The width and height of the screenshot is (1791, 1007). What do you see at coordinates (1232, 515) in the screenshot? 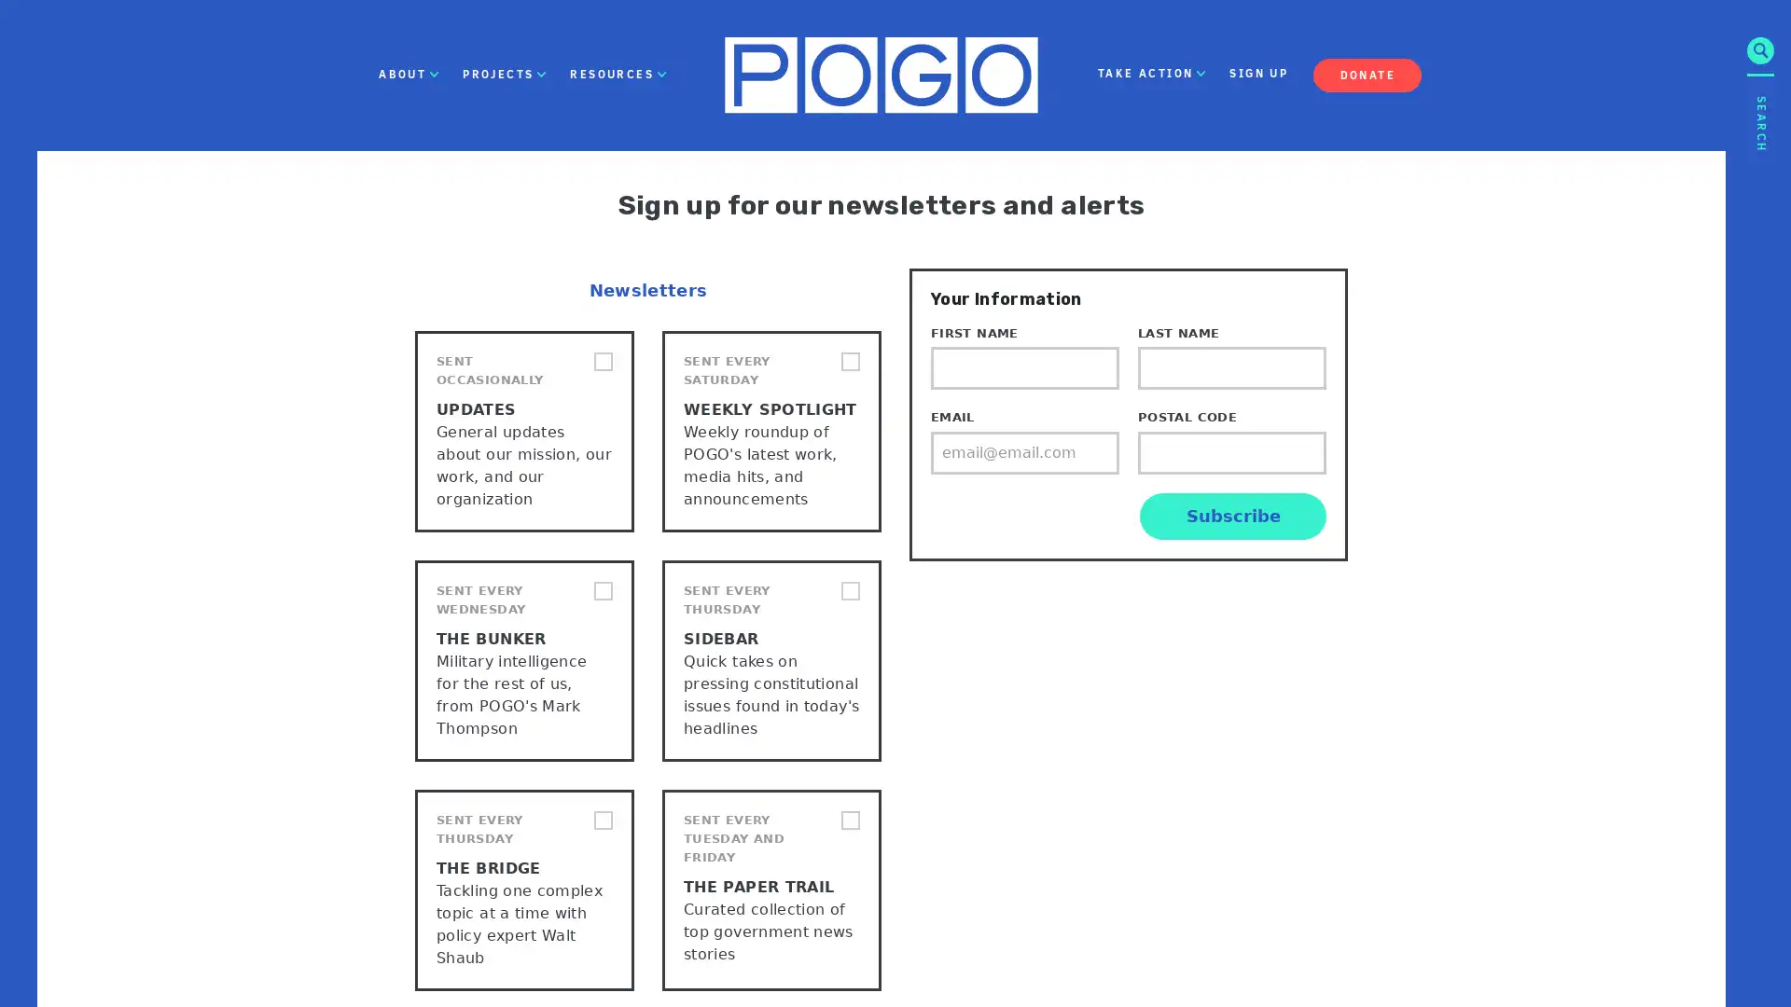
I see `Subscribe` at bounding box center [1232, 515].